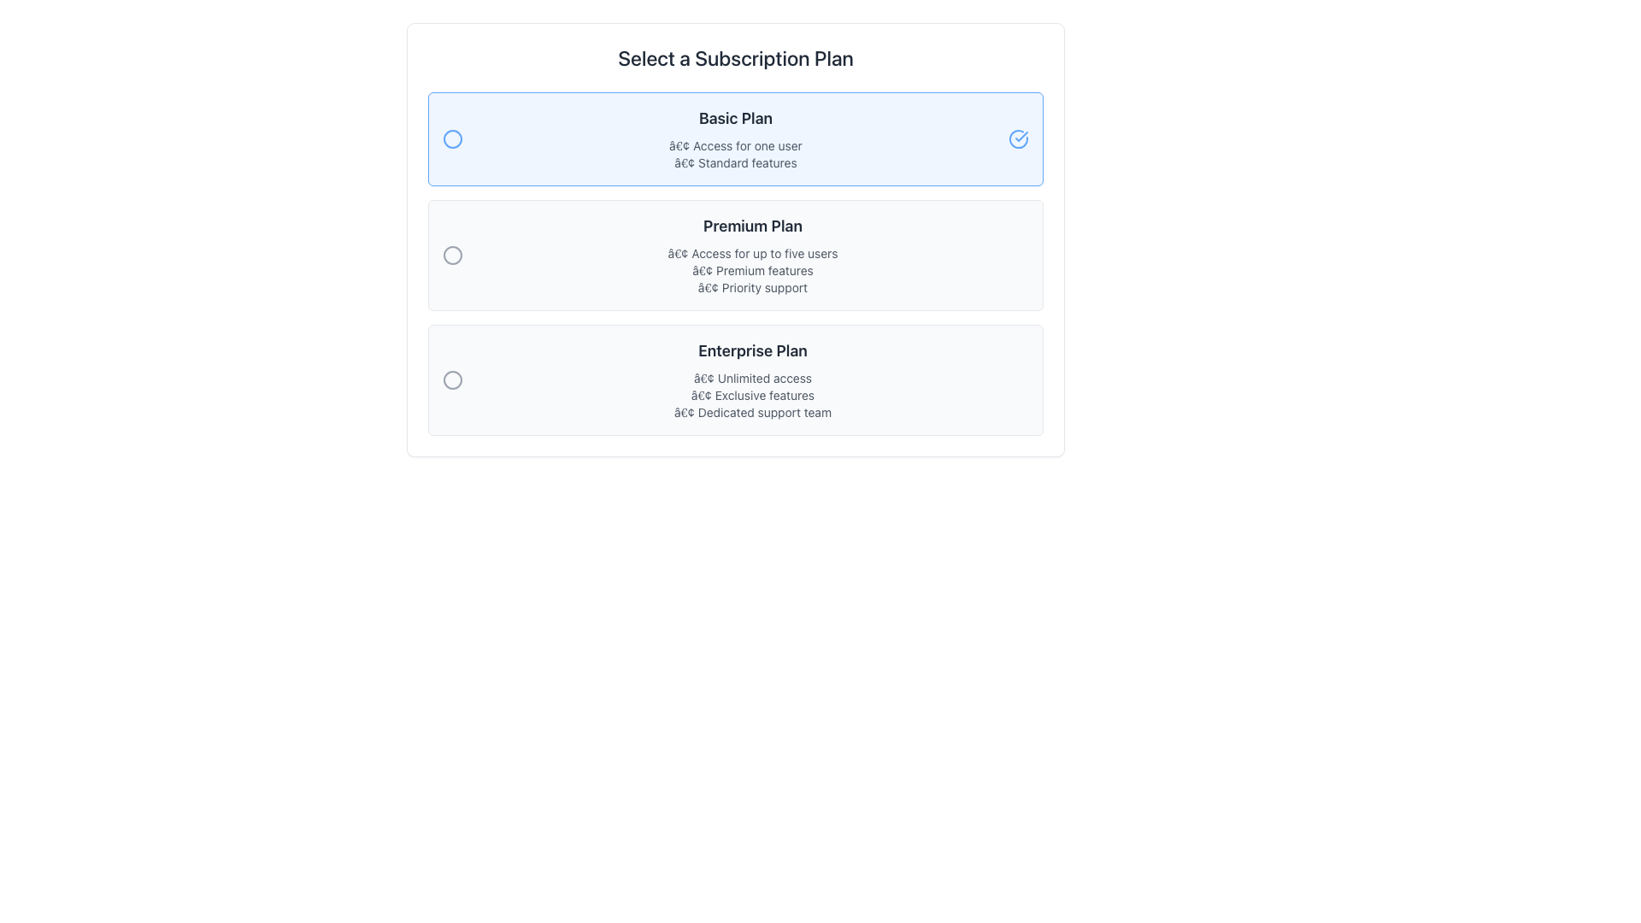 The width and height of the screenshot is (1641, 923). What do you see at coordinates (1018, 138) in the screenshot?
I see `the checkmark icon representing the selected 'Basic Plan' to confirm the selection` at bounding box center [1018, 138].